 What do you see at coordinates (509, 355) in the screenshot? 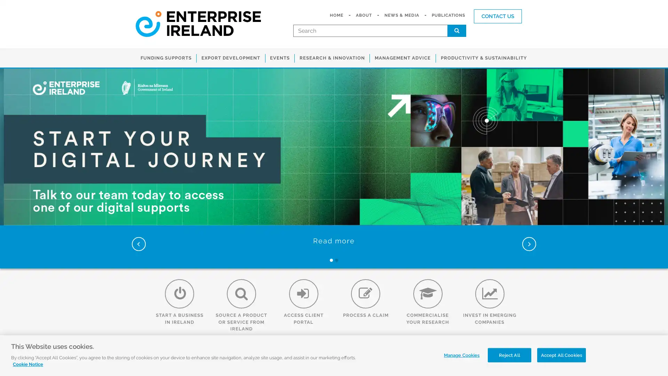
I see `Reject All` at bounding box center [509, 355].